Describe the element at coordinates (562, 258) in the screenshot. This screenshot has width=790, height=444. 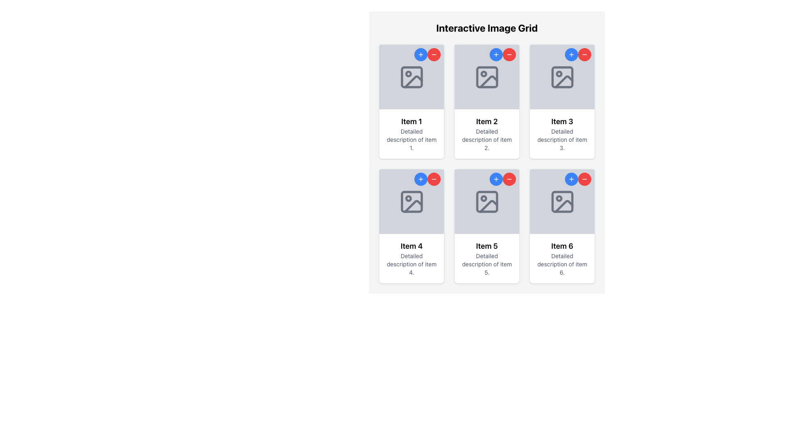
I see `the Text content block featuring the bold title 'Item 6' and the detailed description 'Detailed description of item 6.' positioned at the bottom-right corner of the grid layout` at that location.